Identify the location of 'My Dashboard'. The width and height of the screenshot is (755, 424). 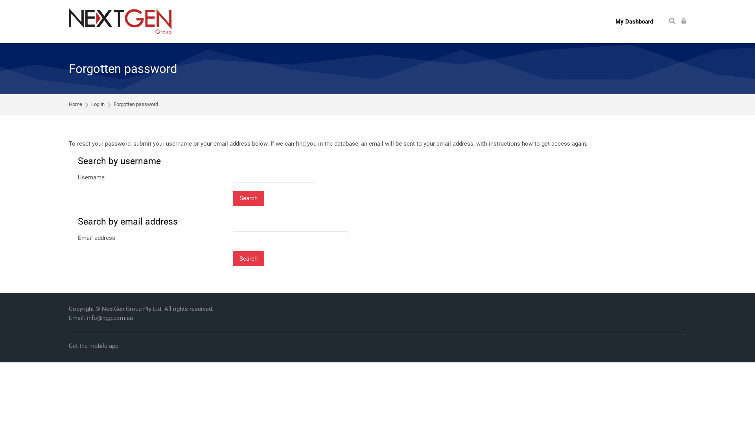
(634, 21).